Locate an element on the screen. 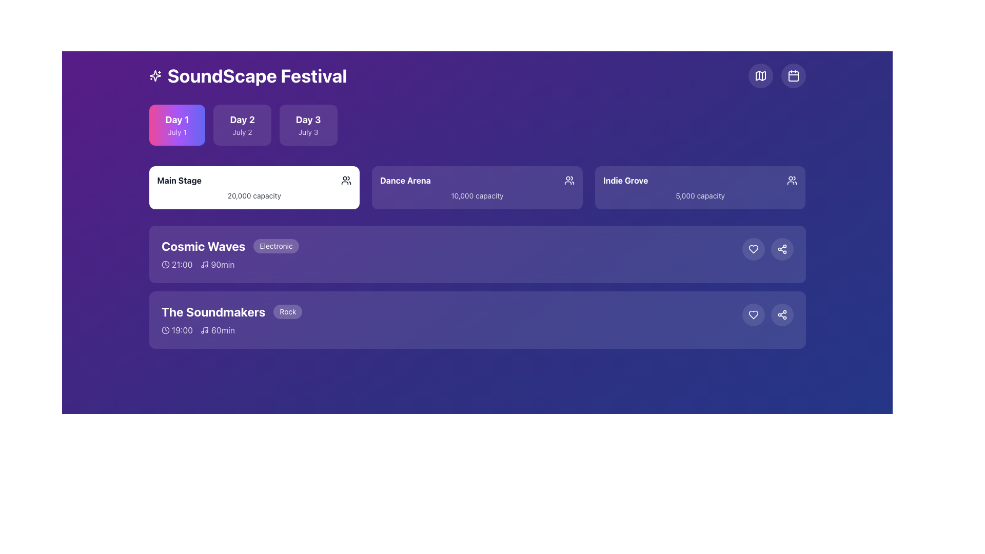  the small circular button with a map-like graphical representation located near the top-right corner of the interface, adjacent to a calendar icon is located at coordinates (760, 75).